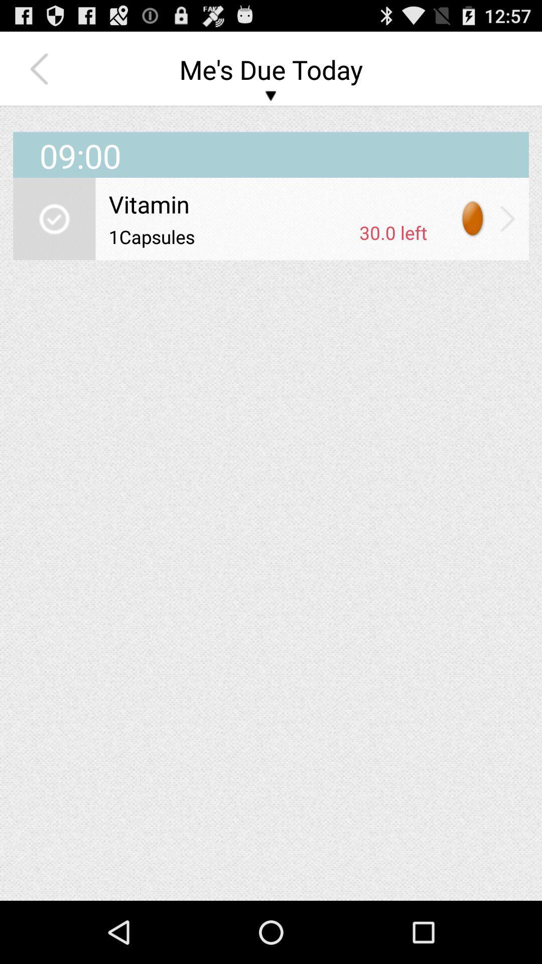 Image resolution: width=542 pixels, height=964 pixels. Describe the element at coordinates (41, 69) in the screenshot. I see `the icon next to the me s due icon` at that location.